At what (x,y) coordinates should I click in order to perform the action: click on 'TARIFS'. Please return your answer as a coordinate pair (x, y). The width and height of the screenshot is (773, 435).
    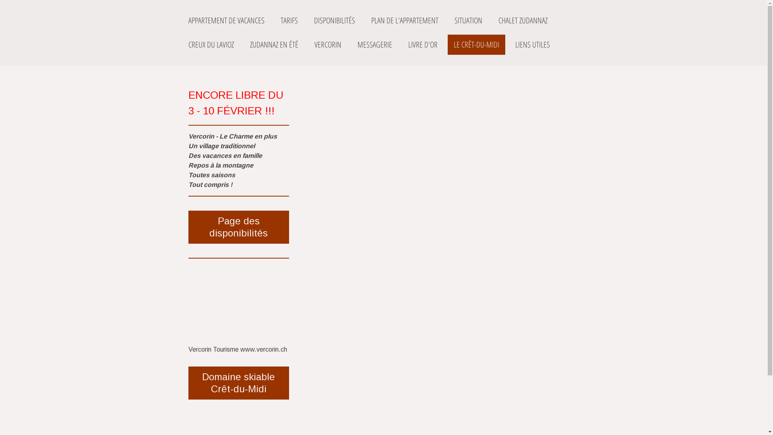
    Looking at the image, I should click on (274, 20).